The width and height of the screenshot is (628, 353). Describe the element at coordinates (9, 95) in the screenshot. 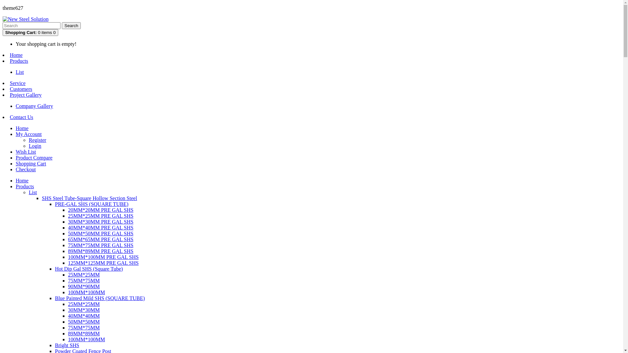

I see `'Project Gallery'` at that location.